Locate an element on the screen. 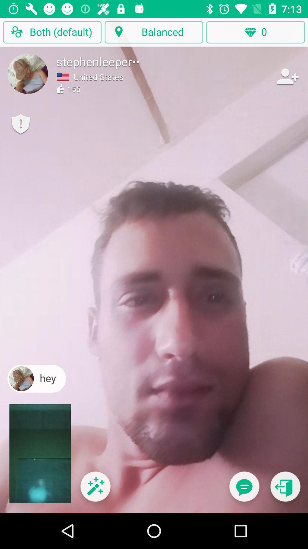  the edit icon is located at coordinates (95, 490).